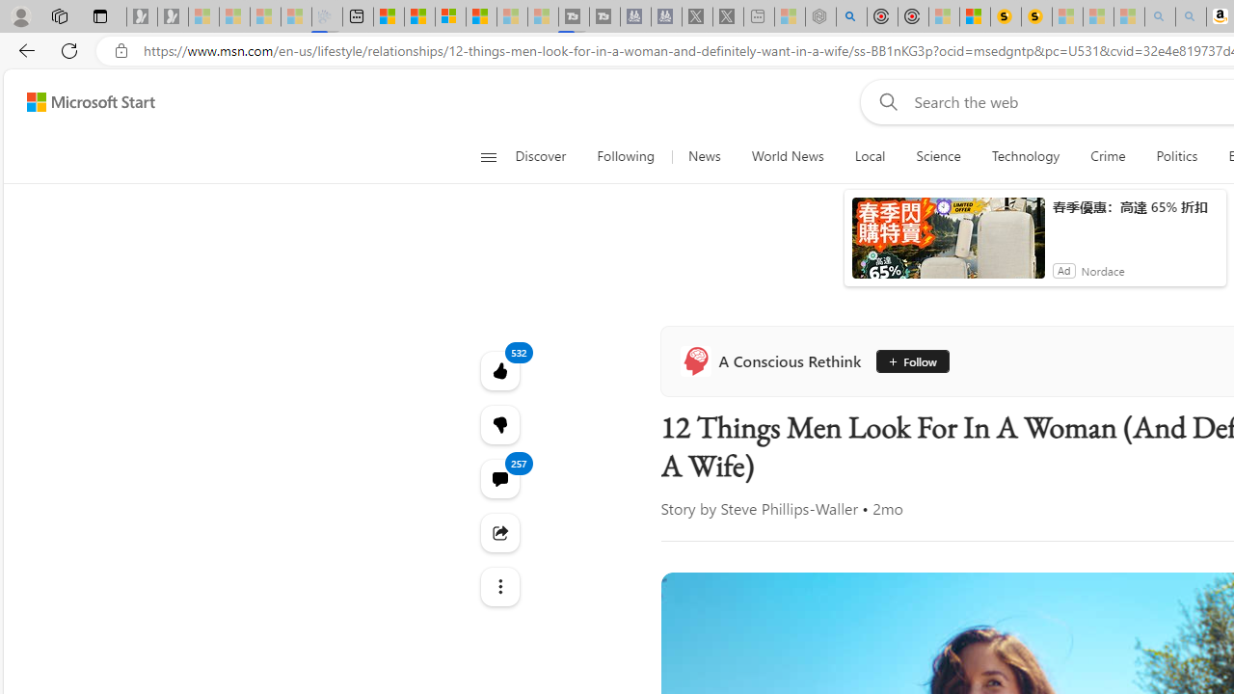 The height and width of the screenshot is (694, 1234). What do you see at coordinates (499, 532) in the screenshot?
I see `'Share this story'` at bounding box center [499, 532].